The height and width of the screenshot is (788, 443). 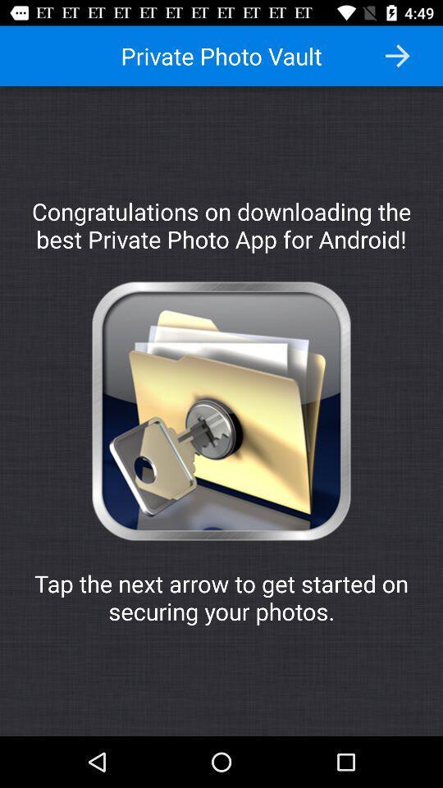 I want to click on icon to the right of the private photo vault icon, so click(x=396, y=56).